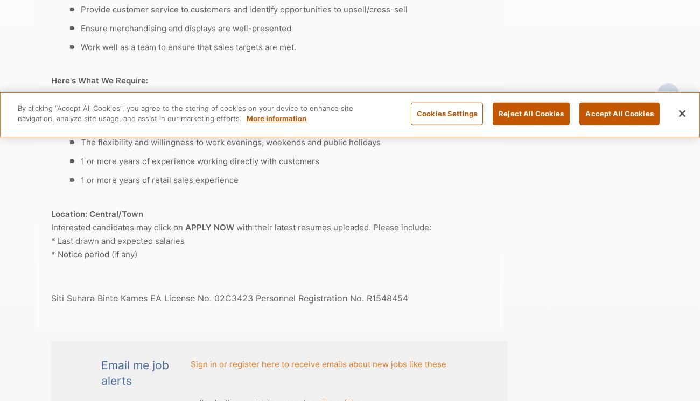  What do you see at coordinates (199, 161) in the screenshot?
I see `'1 or more years of experience working directly with customers'` at bounding box center [199, 161].